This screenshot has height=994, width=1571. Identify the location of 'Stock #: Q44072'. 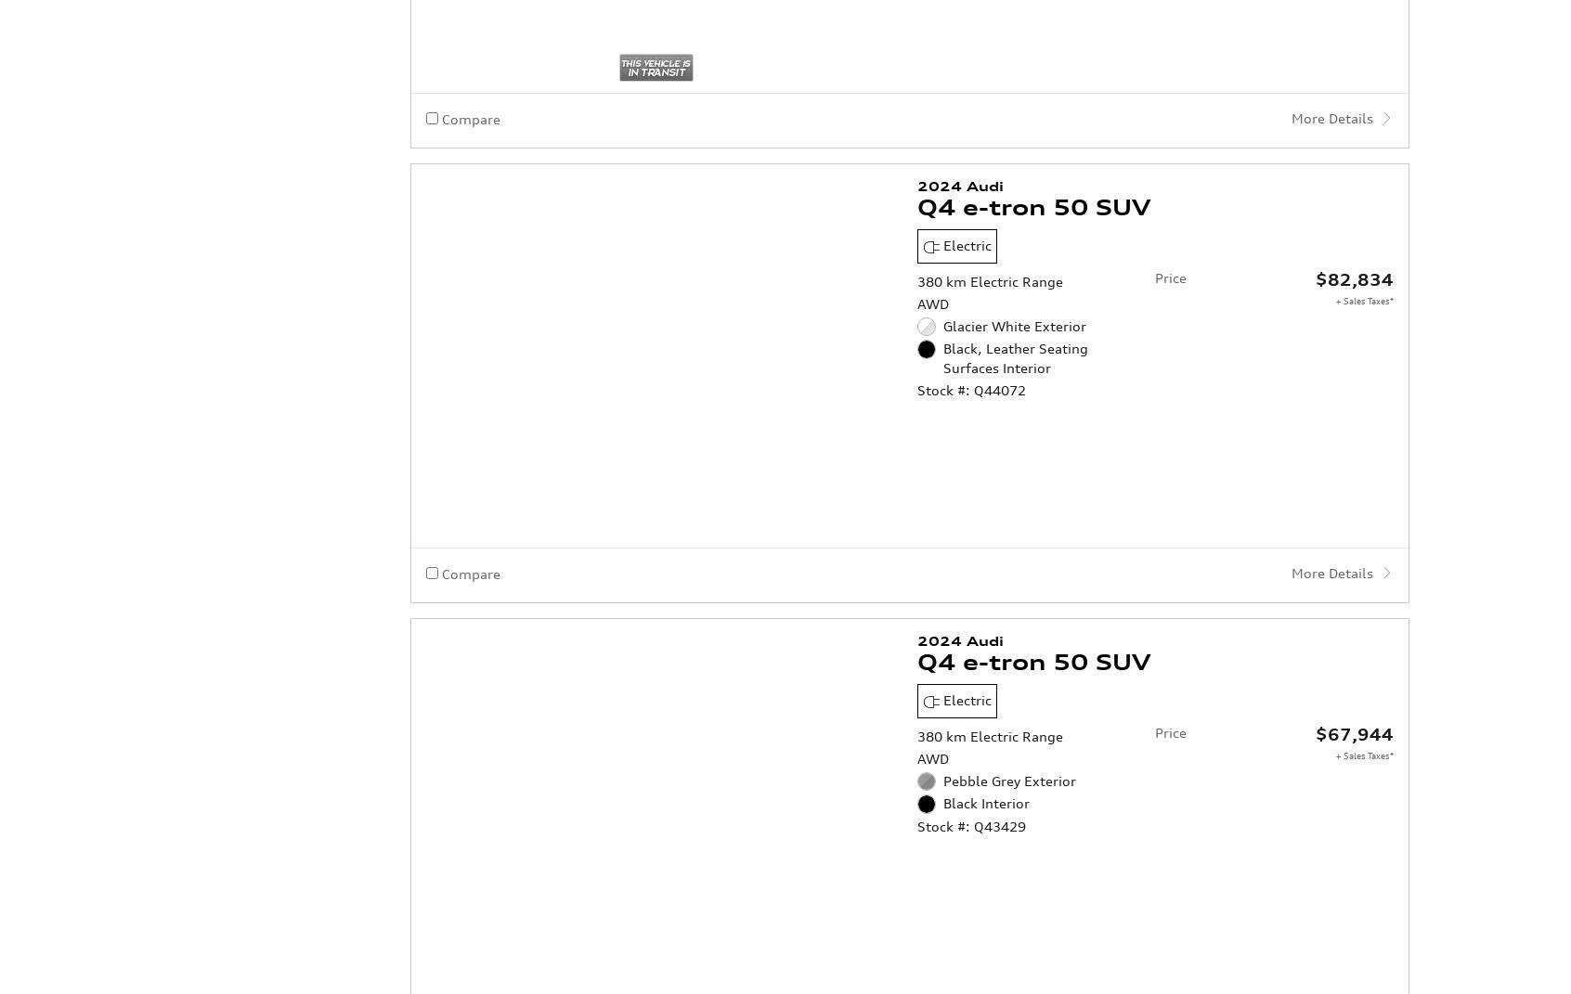
(969, 240).